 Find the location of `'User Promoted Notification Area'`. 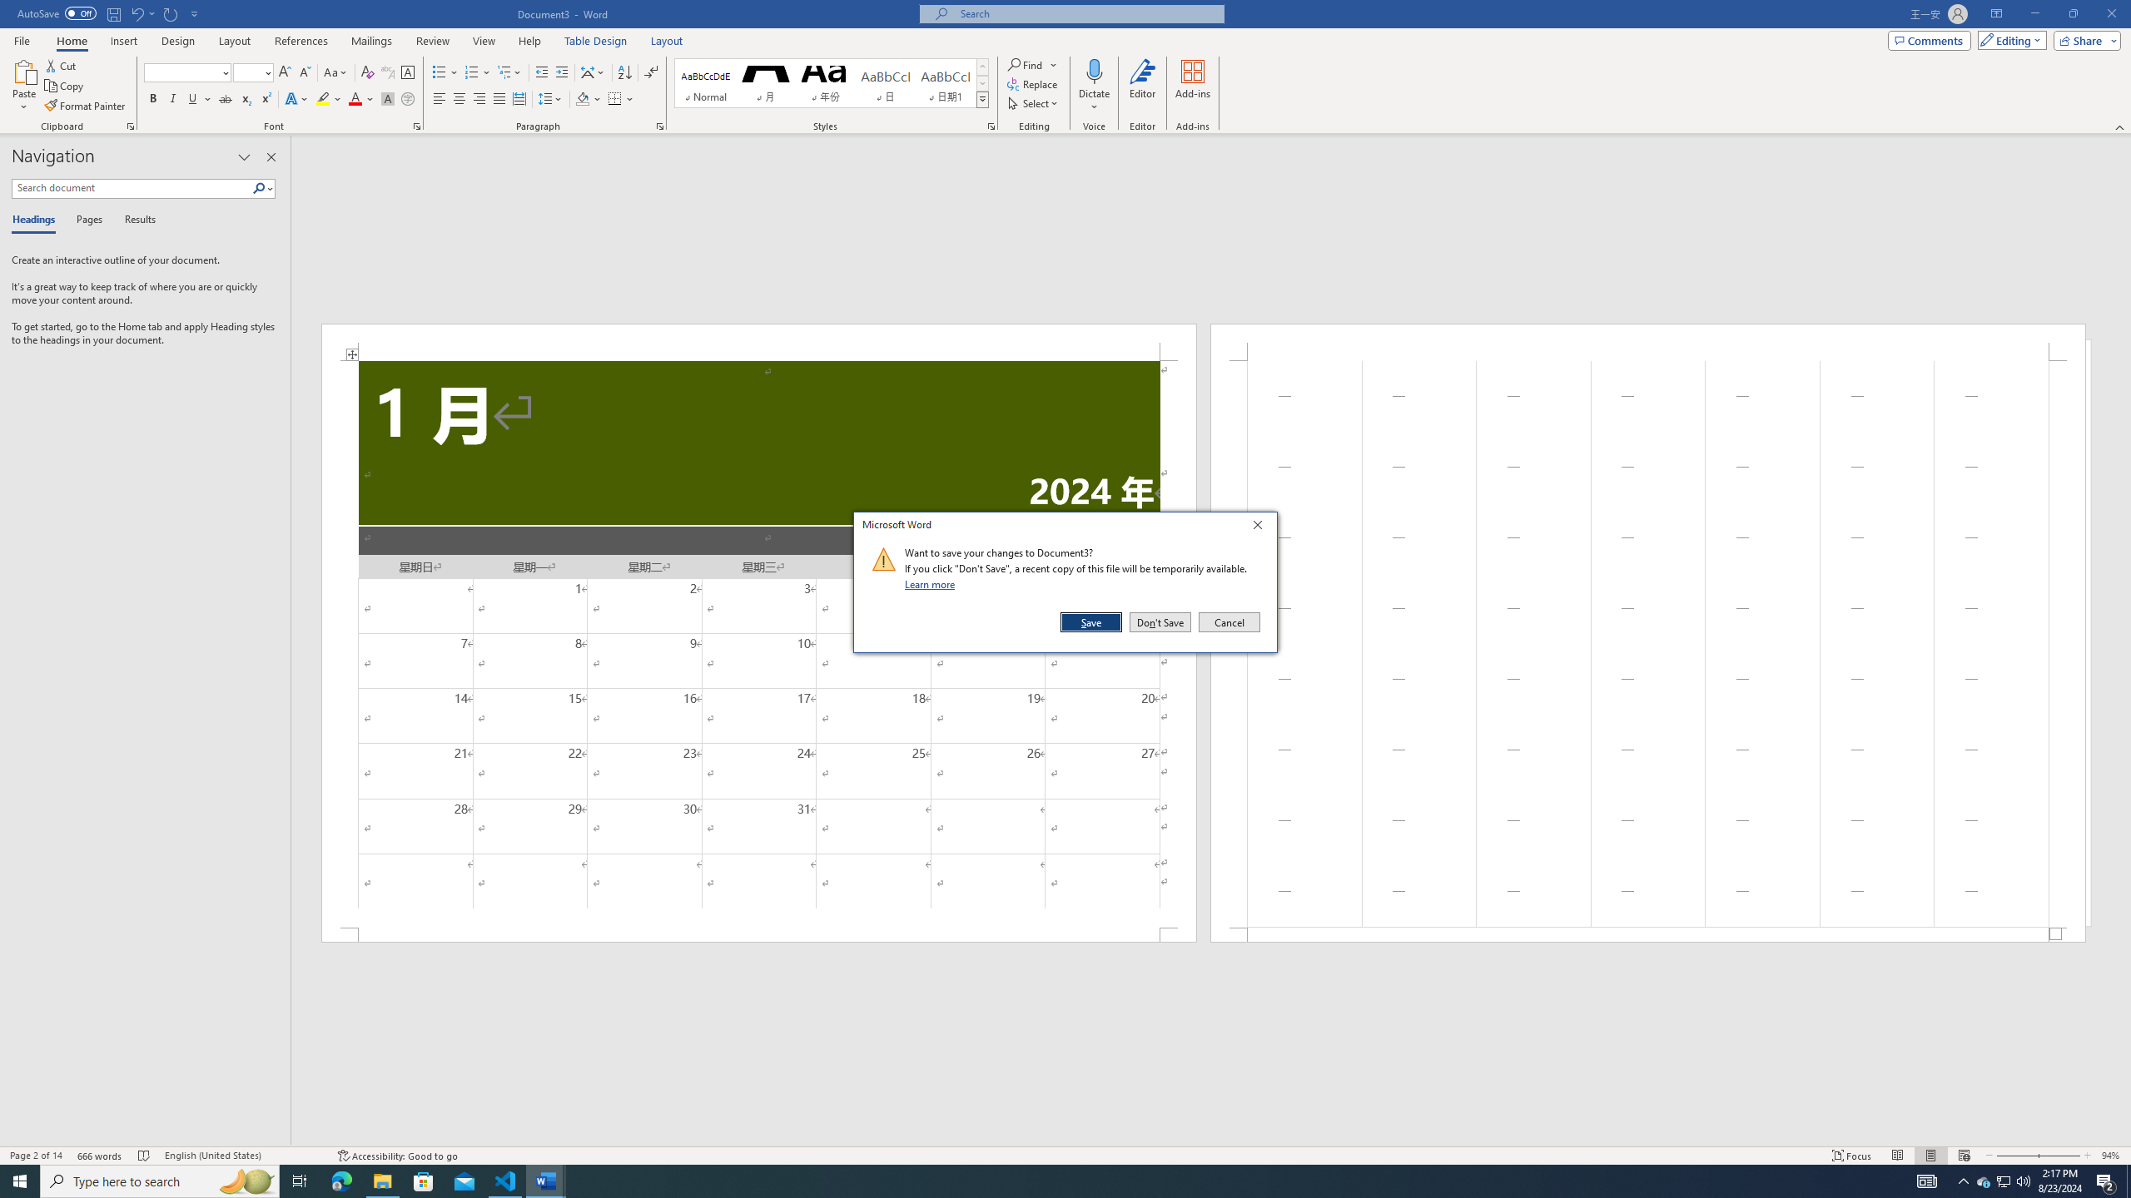

'User Promoted Notification Area' is located at coordinates (2002, 1180).